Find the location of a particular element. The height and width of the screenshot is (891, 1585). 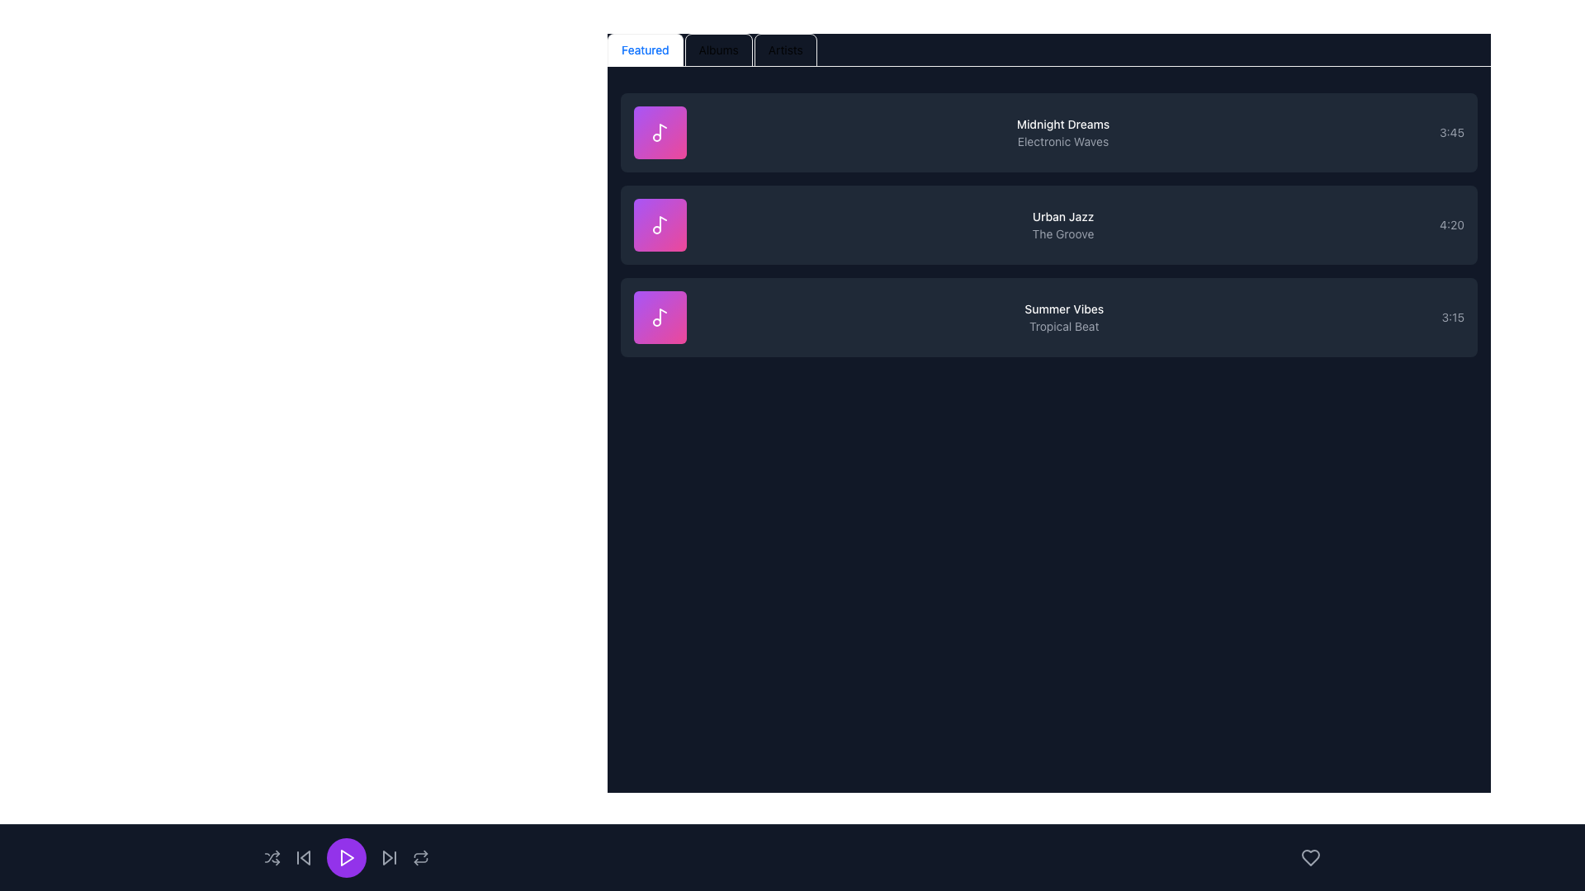

the second icon in the vertical list that represents the song 'Urban Jazz' is located at coordinates (660, 225).